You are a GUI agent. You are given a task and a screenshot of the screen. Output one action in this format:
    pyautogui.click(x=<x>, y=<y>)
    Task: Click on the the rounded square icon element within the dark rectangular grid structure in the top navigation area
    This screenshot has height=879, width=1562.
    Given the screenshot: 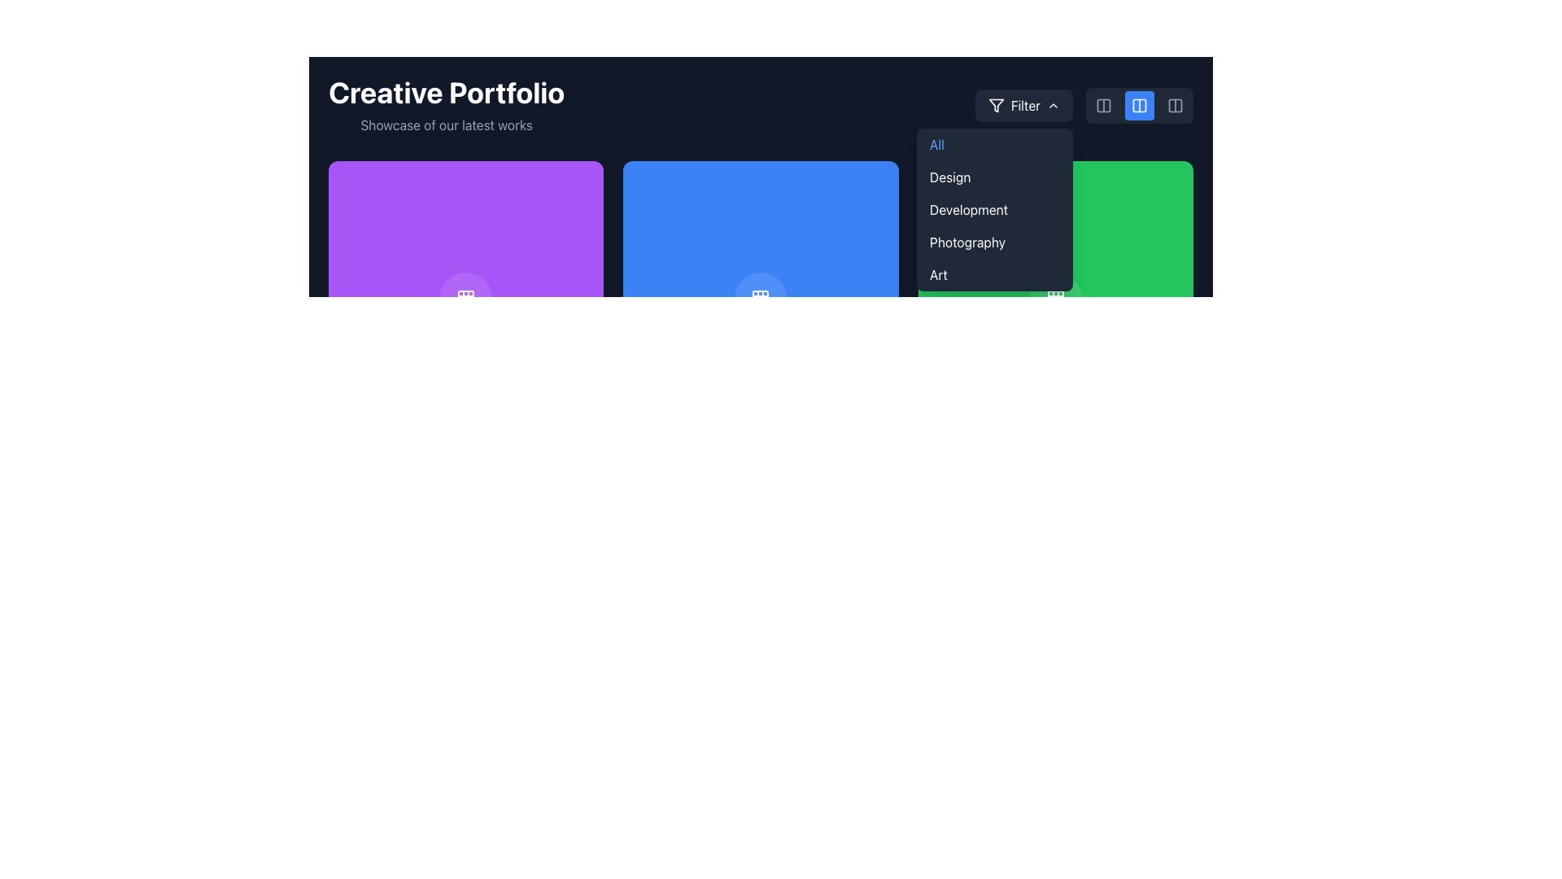 What is the action you would take?
    pyautogui.click(x=1104, y=106)
    